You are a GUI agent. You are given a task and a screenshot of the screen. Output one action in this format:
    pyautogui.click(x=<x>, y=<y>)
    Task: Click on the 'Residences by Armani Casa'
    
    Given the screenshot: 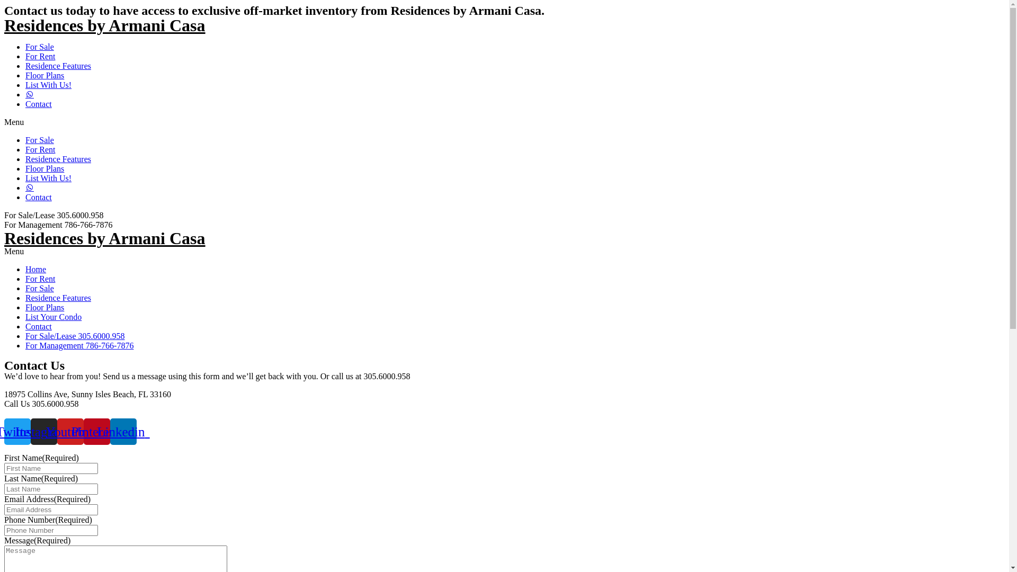 What is the action you would take?
    pyautogui.click(x=104, y=238)
    